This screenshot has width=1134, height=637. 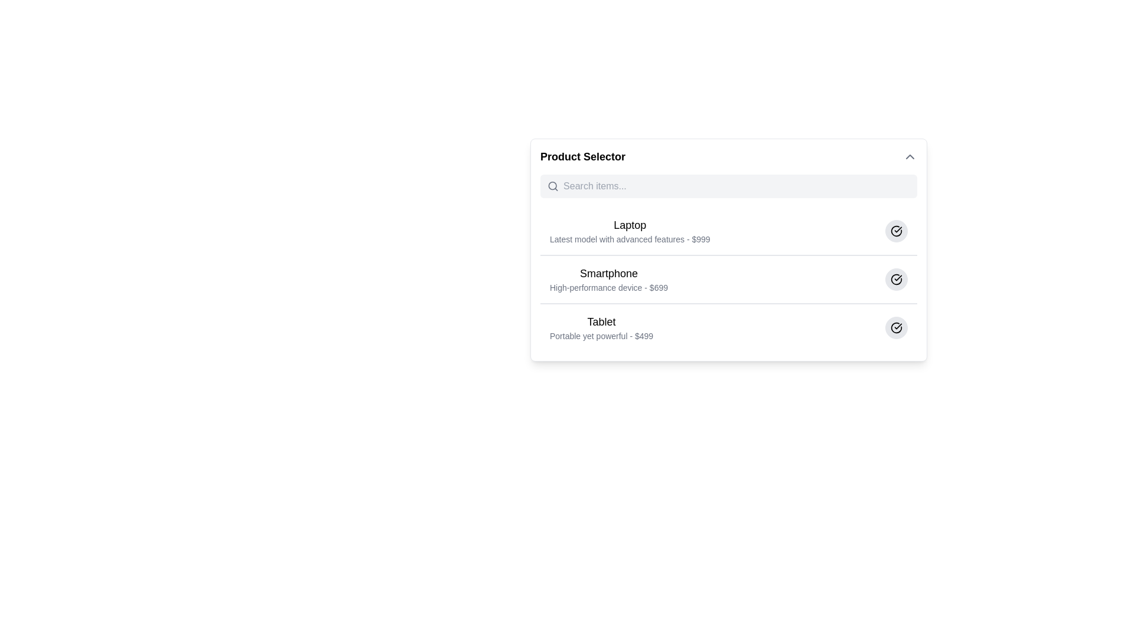 What do you see at coordinates (601, 336) in the screenshot?
I see `the text label that provides additional descriptive details and the price of the 'Tablet' product, located directly beneath the 'Tablet' label in the product list` at bounding box center [601, 336].